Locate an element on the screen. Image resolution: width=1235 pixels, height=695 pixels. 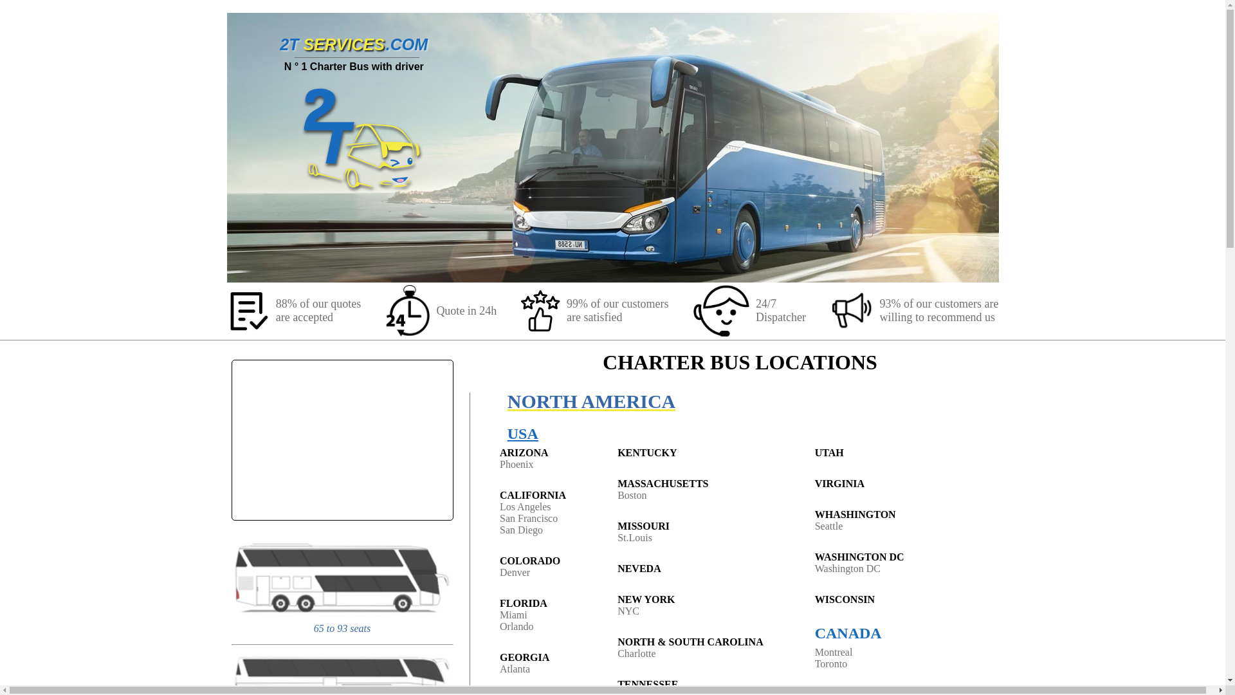
'MASSACHUSETTS' is located at coordinates (663, 483).